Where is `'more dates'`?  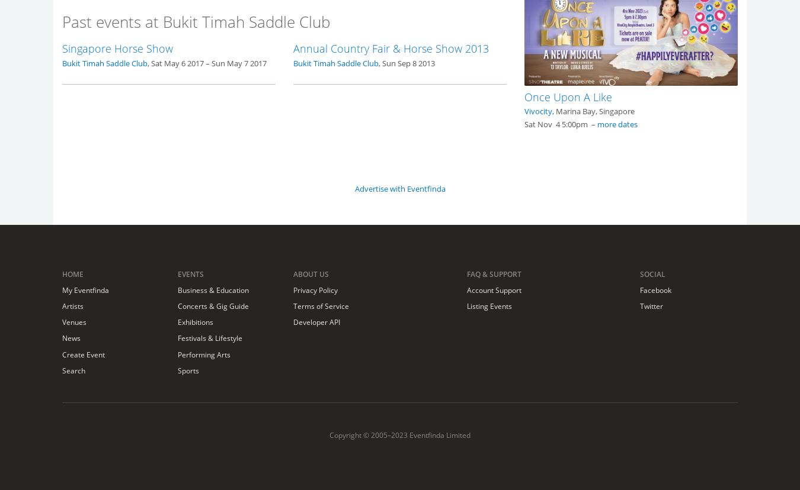
'more dates' is located at coordinates (617, 124).